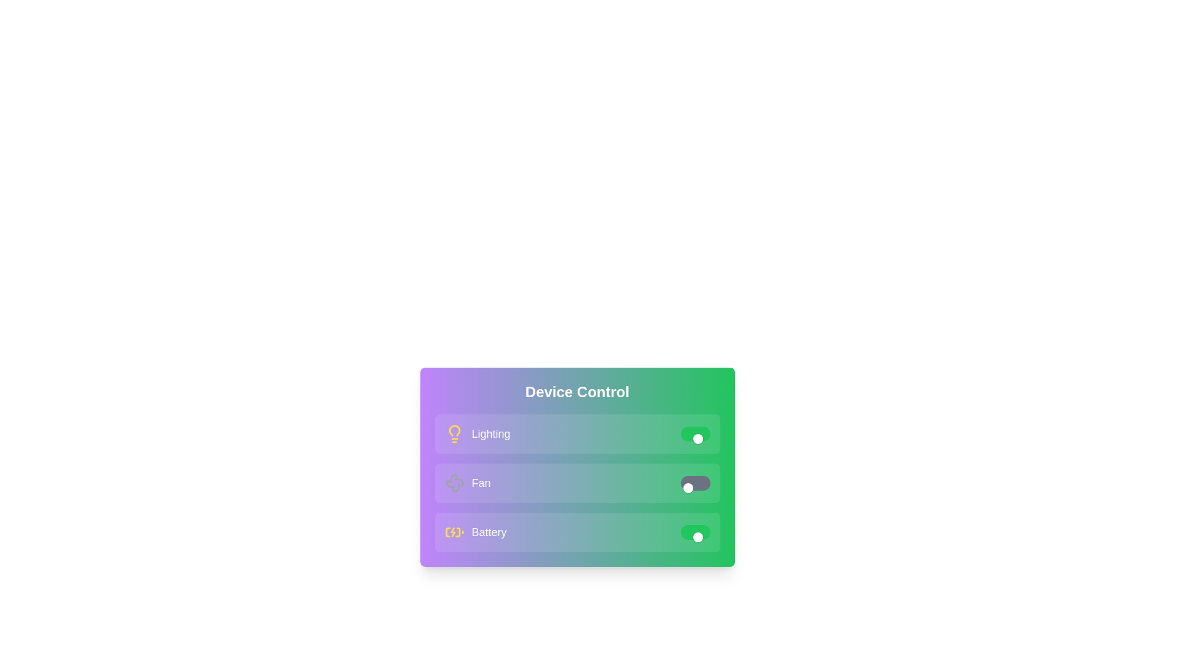 This screenshot has width=1180, height=664. I want to click on the icon representing Fan, so click(454, 483).